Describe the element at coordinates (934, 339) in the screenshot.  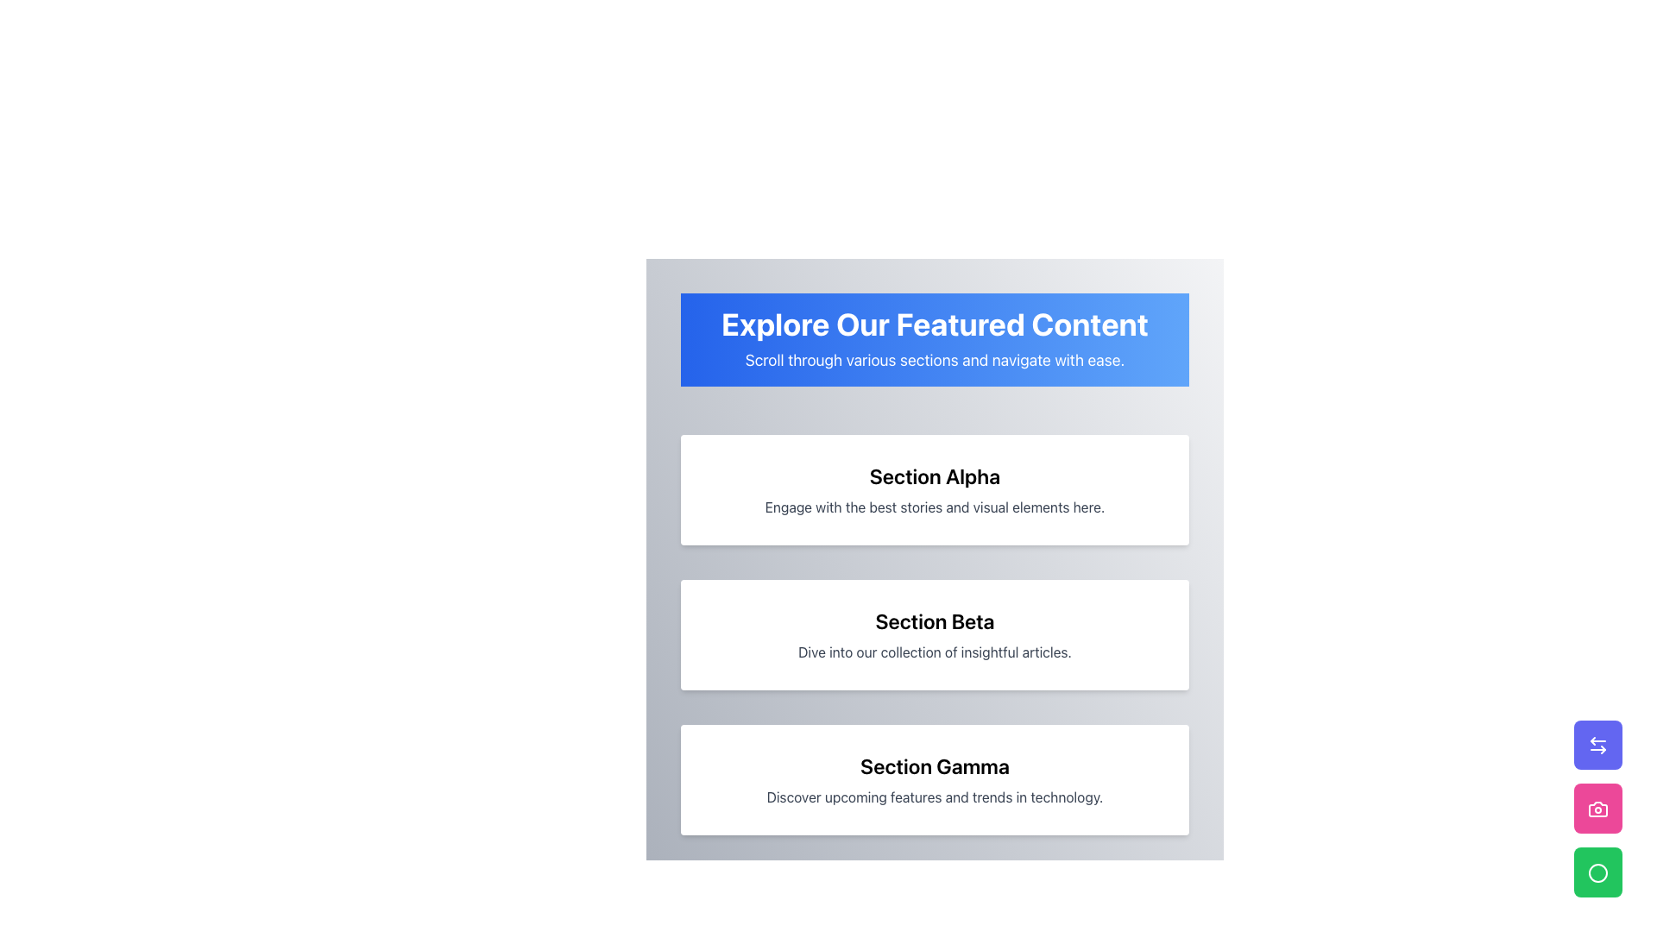
I see `the prominent header section styled as a banner with the title 'Explore Our Featured Content' and subtitle 'Scroll through various sections and navigate with ease'` at that location.